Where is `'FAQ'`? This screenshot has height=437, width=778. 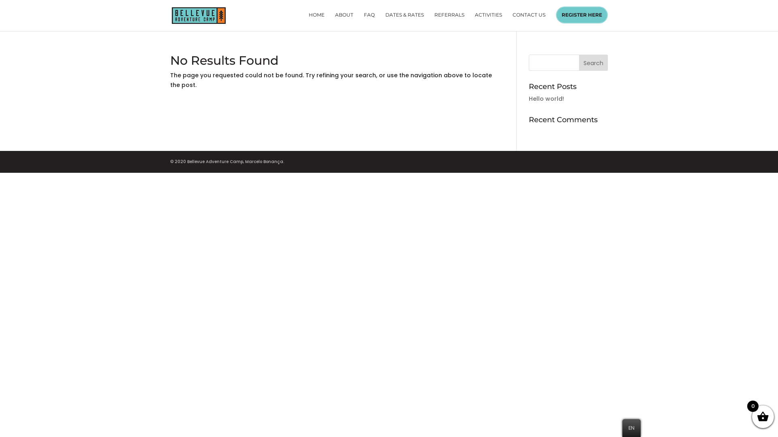
'FAQ' is located at coordinates (363, 21).